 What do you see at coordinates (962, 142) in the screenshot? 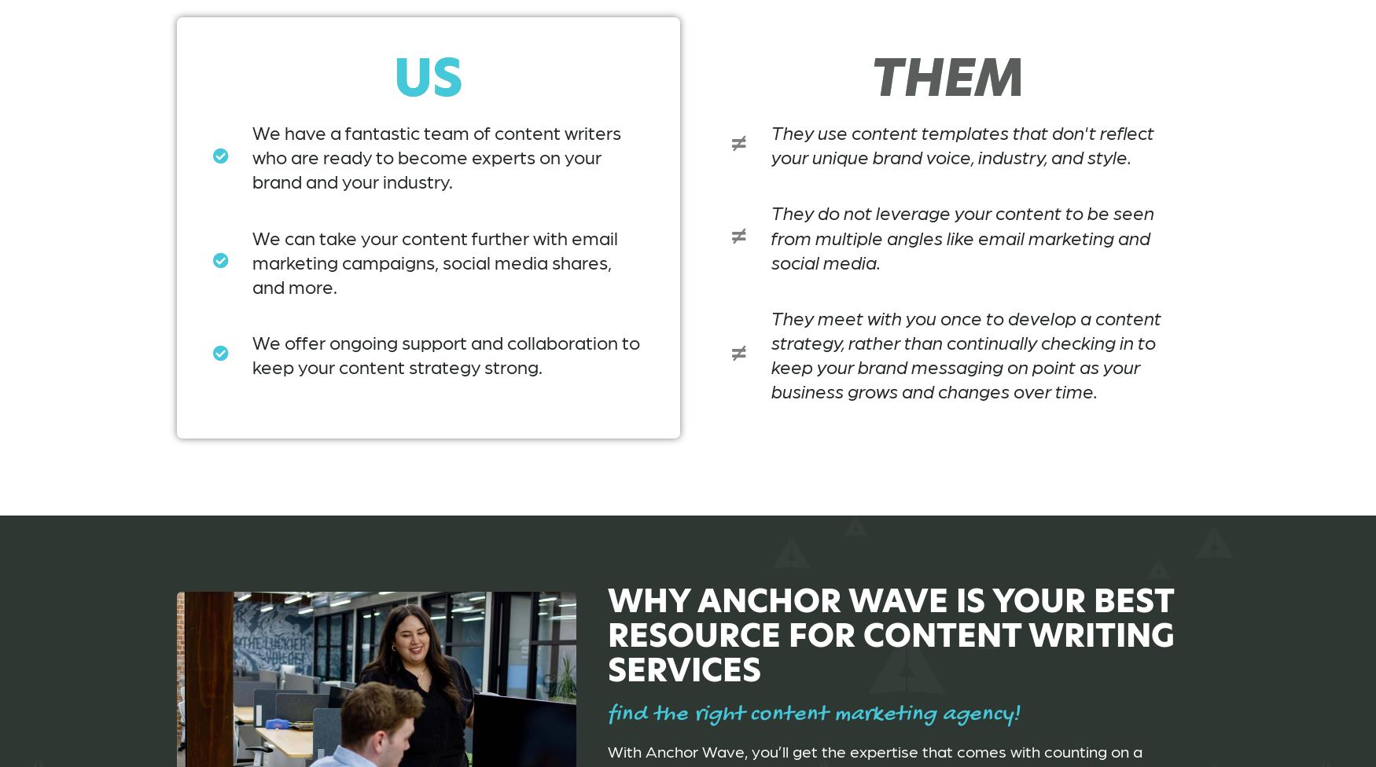
I see `'They use content templates that don't reflect your unique brand voice, industry, and style.'` at bounding box center [962, 142].